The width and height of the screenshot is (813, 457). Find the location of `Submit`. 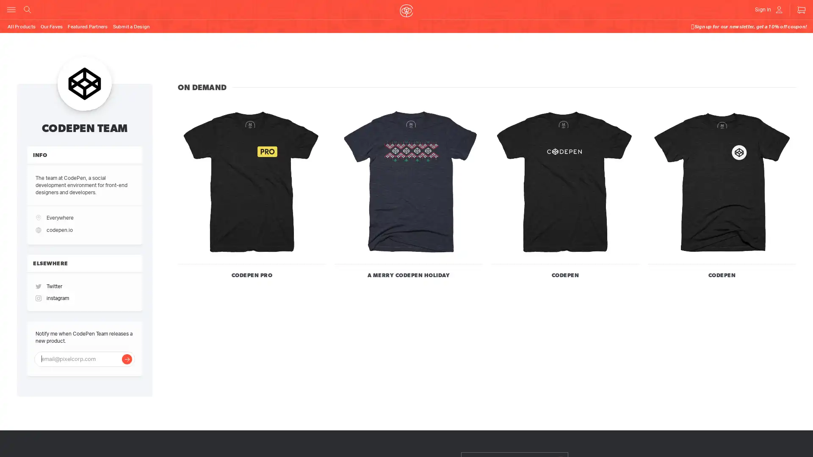

Submit is located at coordinates (126, 368).